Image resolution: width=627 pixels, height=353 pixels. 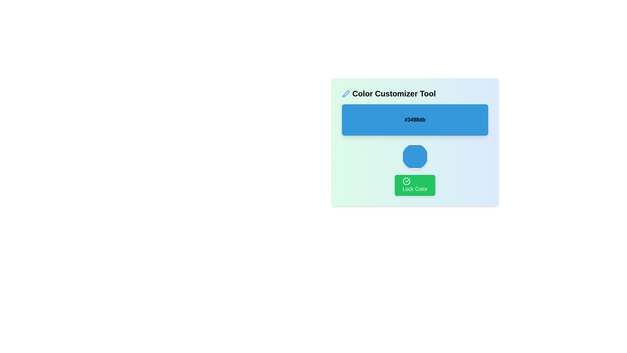 What do you see at coordinates (415, 185) in the screenshot?
I see `the 'Lock Color' button located centrally below the color display area in the 'Color Customizer Tool' to lock the currently selected color` at bounding box center [415, 185].